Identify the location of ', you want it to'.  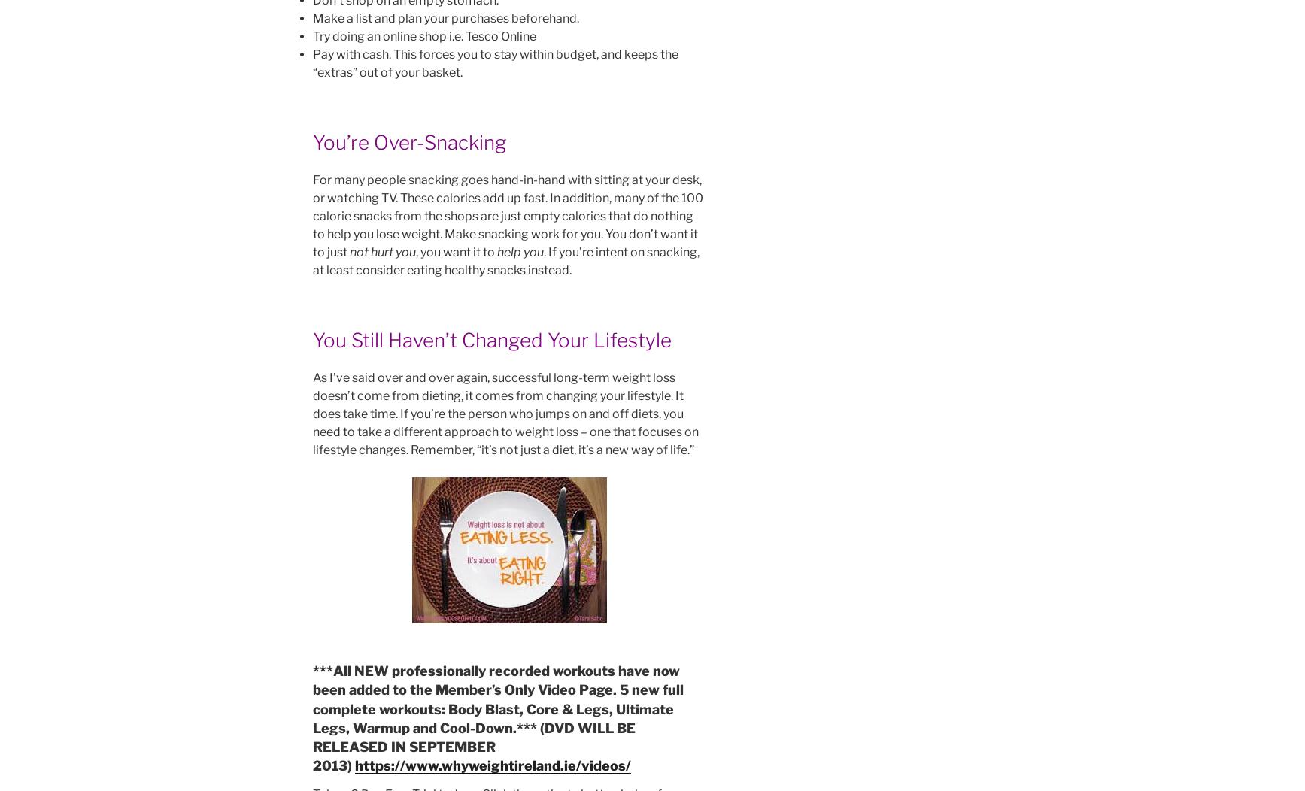
(456, 251).